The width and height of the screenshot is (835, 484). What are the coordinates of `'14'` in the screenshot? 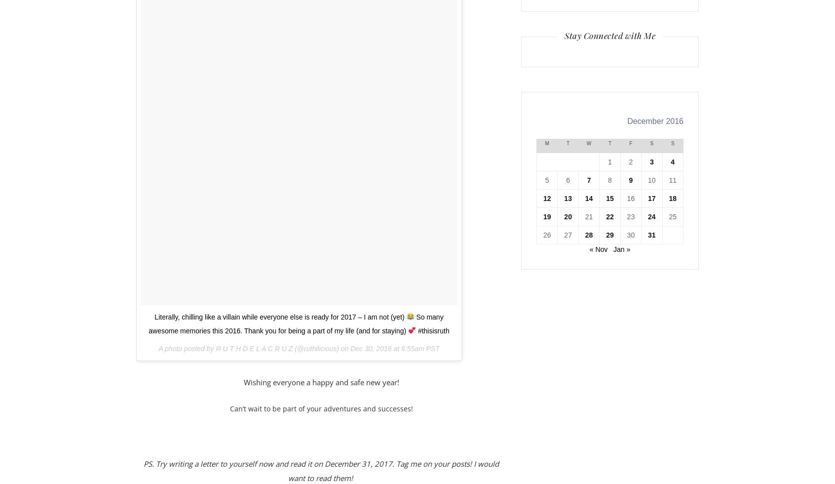 It's located at (584, 198).